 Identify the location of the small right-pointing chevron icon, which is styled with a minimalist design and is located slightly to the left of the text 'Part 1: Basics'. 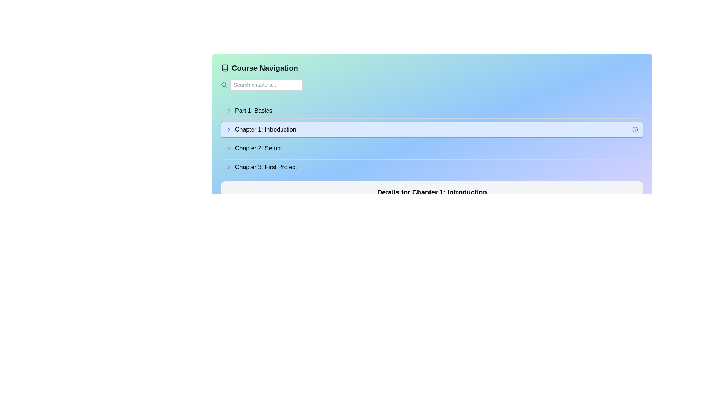
(229, 111).